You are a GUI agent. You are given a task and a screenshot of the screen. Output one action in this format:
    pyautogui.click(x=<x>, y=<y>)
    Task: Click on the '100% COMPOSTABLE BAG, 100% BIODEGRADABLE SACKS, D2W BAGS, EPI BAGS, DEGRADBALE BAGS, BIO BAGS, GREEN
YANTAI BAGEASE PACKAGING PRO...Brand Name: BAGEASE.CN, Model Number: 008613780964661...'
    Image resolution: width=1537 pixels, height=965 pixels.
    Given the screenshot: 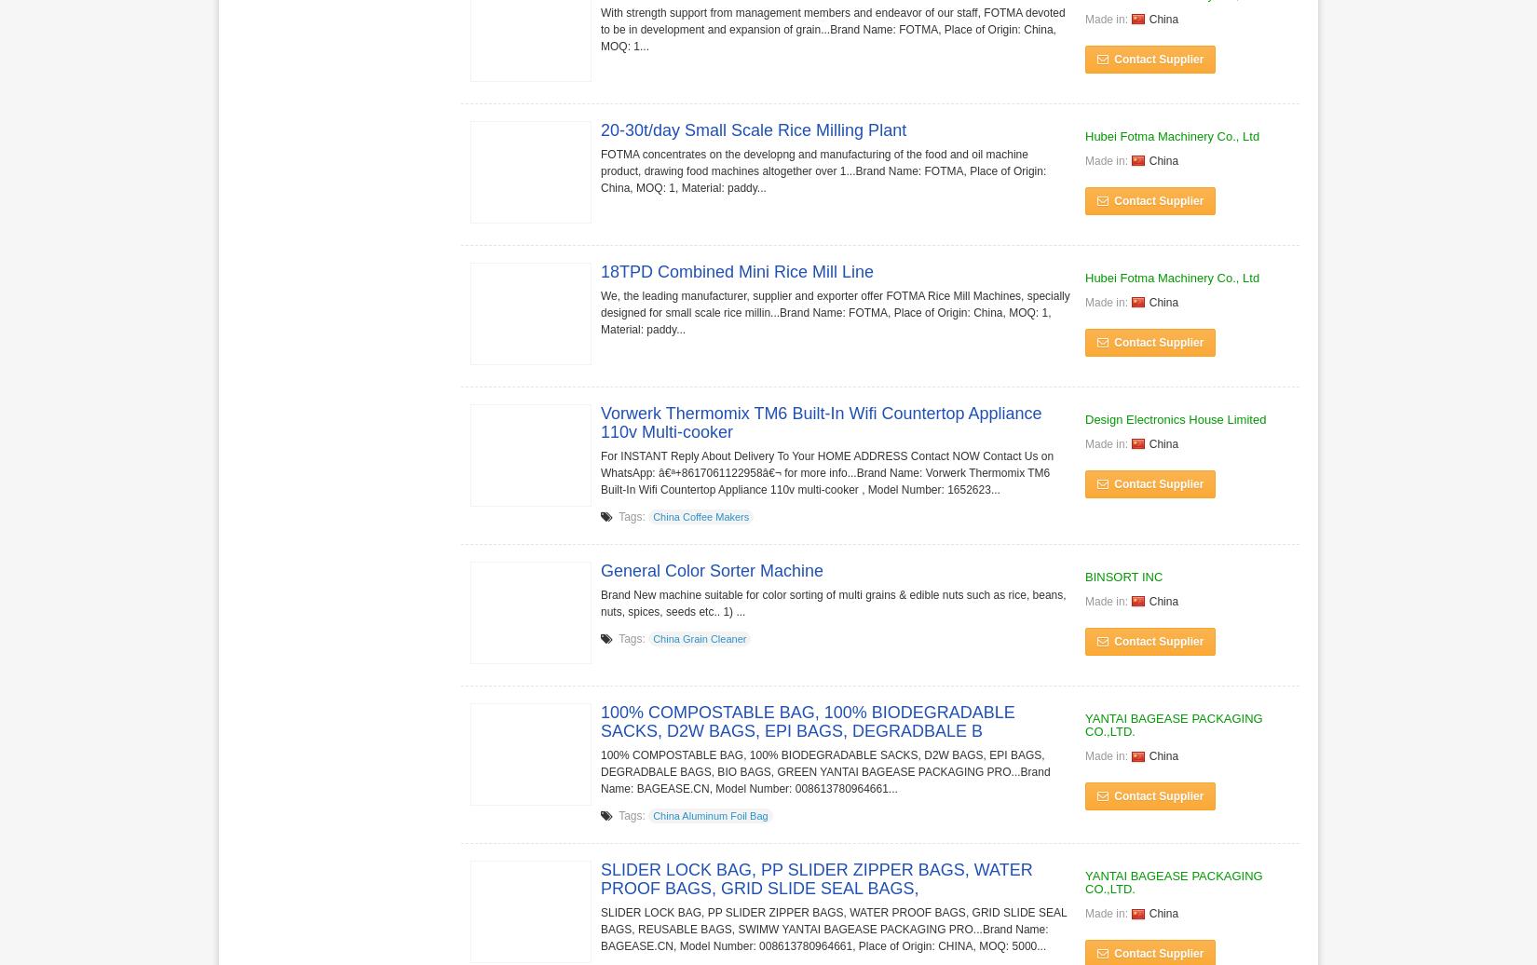 What is the action you would take?
    pyautogui.click(x=825, y=770)
    